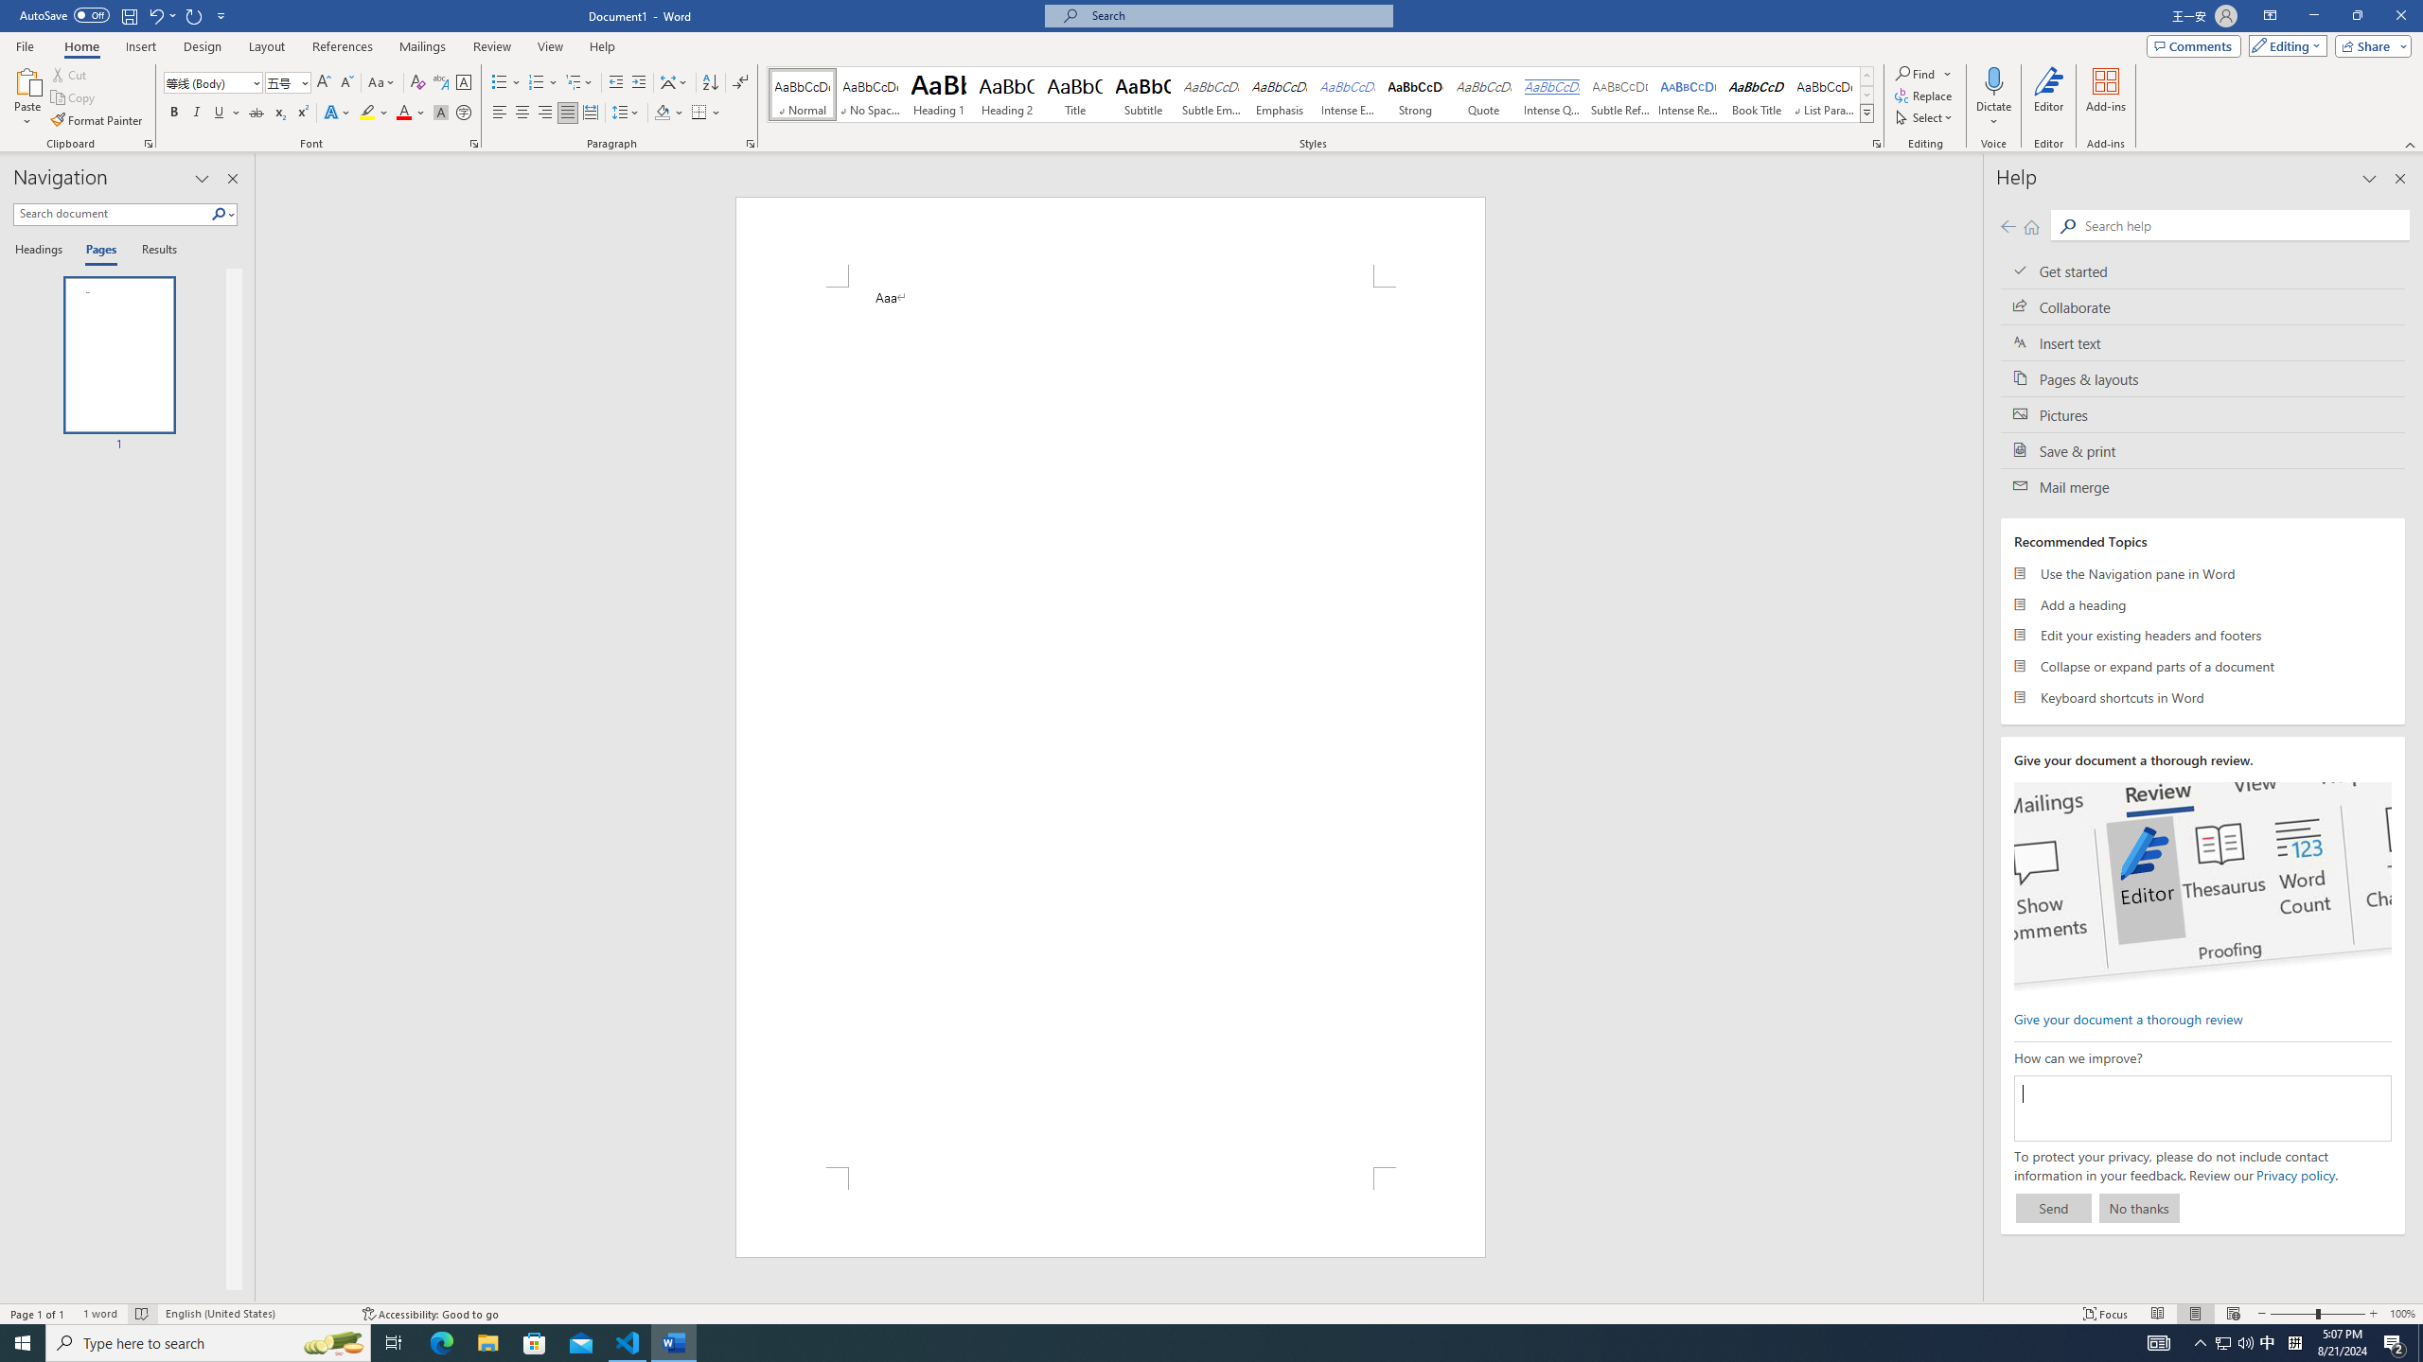 Image resolution: width=2423 pixels, height=1362 pixels. I want to click on 'Paste', so click(27, 79).